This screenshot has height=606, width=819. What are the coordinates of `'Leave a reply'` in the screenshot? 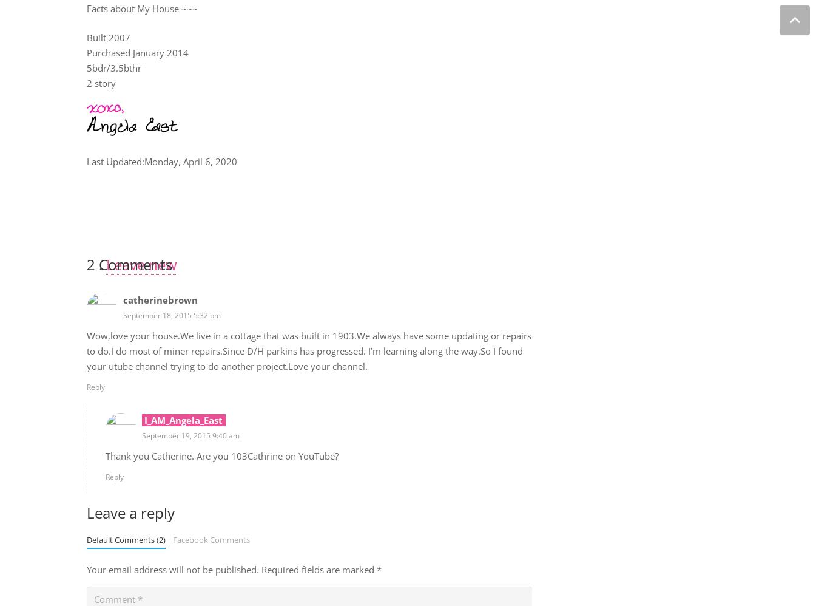 It's located at (130, 512).